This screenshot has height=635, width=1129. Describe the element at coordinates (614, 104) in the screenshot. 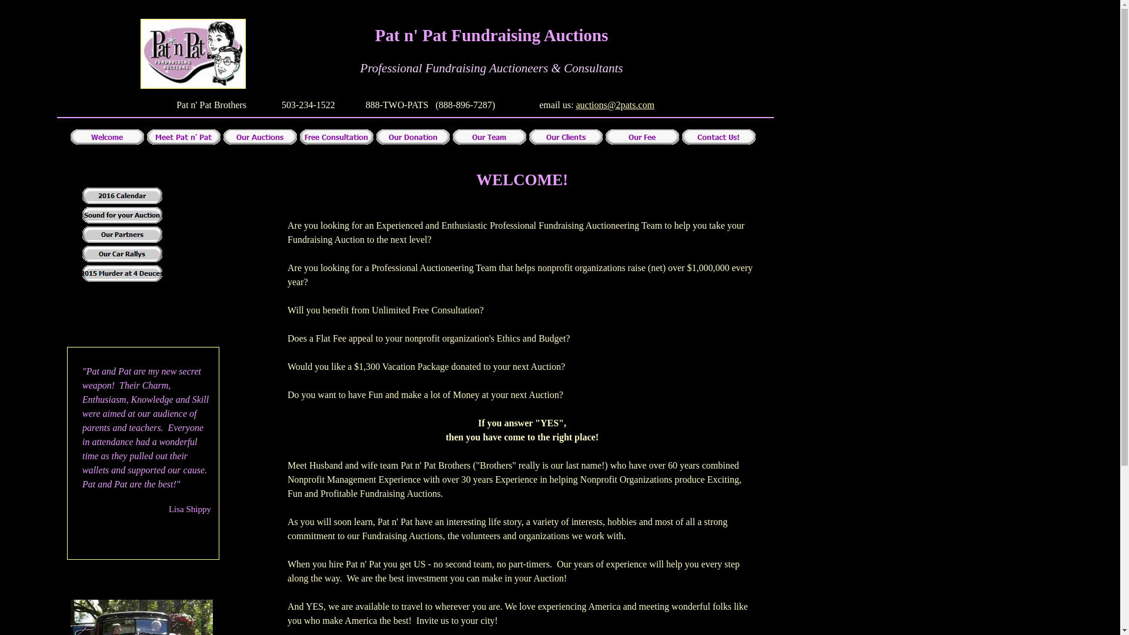

I see `'auctions@2pats.com'` at that location.